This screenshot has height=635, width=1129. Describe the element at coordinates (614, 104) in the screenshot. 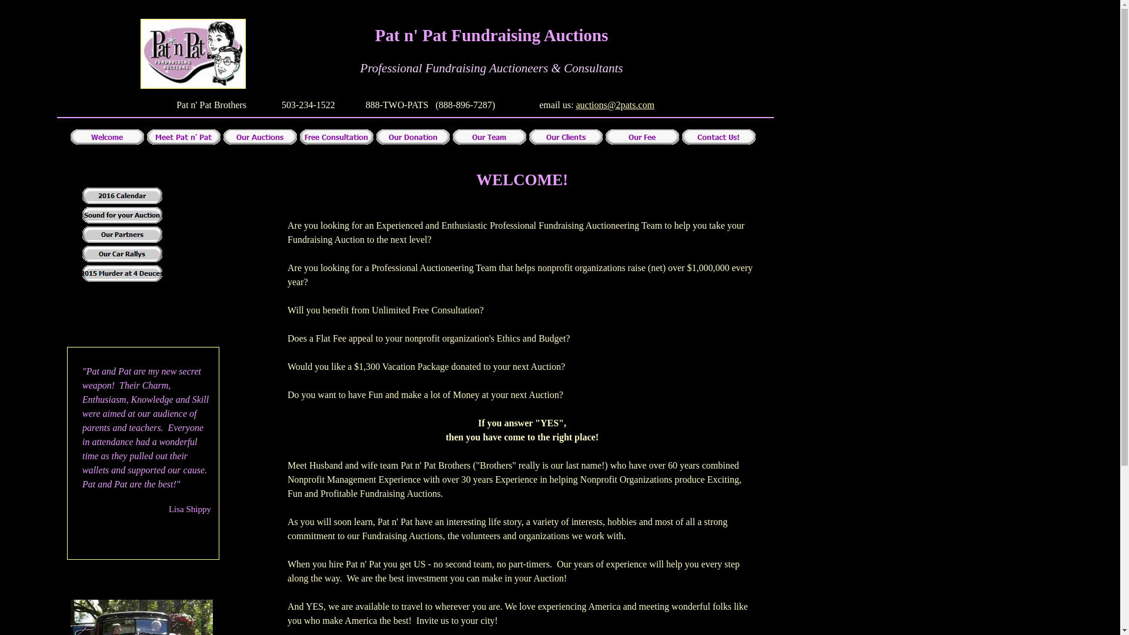

I see `'auctions@2pats.com'` at that location.